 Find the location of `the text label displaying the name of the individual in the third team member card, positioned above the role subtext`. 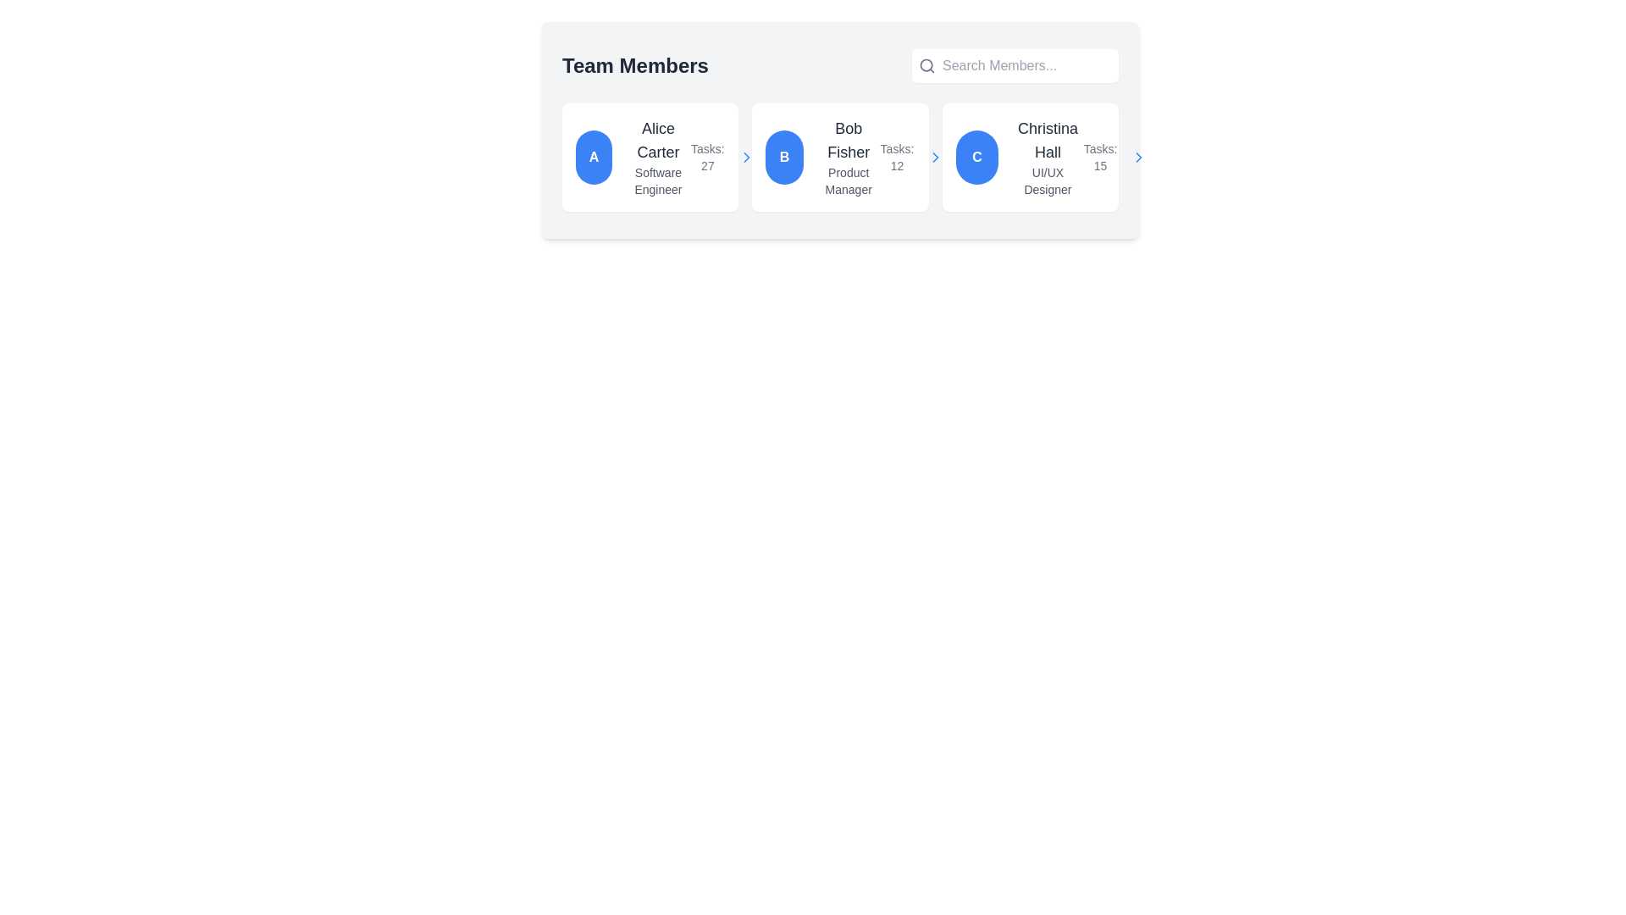

the text label displaying the name of the individual in the third team member card, positioned above the role subtext is located at coordinates (1047, 139).